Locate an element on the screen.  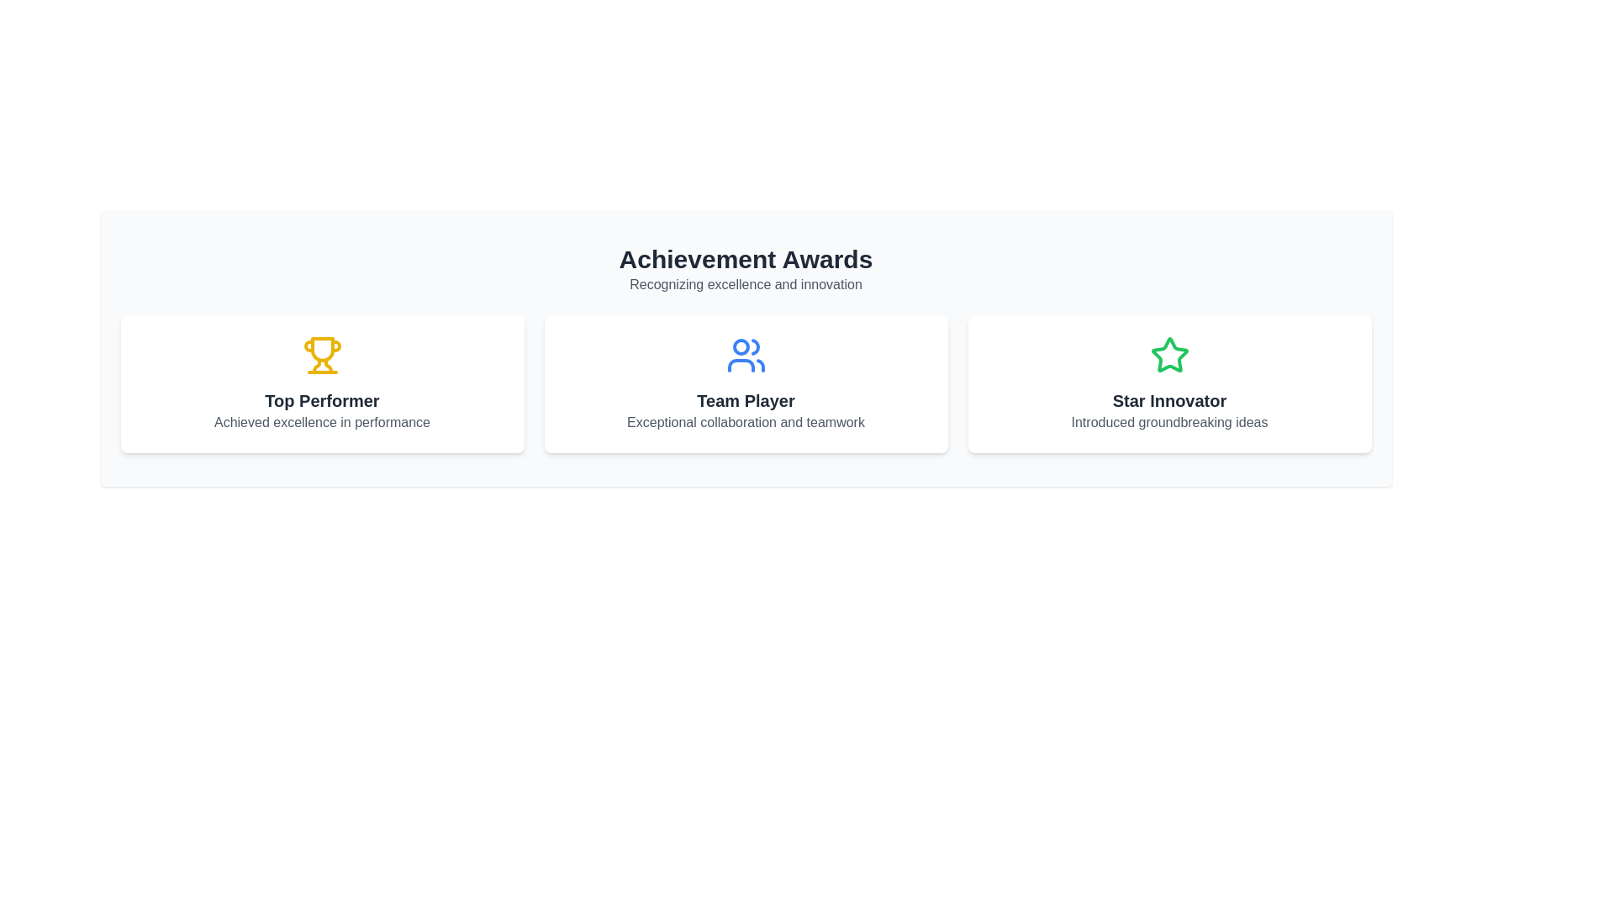
the Static Text reading 'Exceptional collaboration and teamwork', located below the title 'Team Player' in the center card of a horizontal row of three cards is located at coordinates (745, 421).